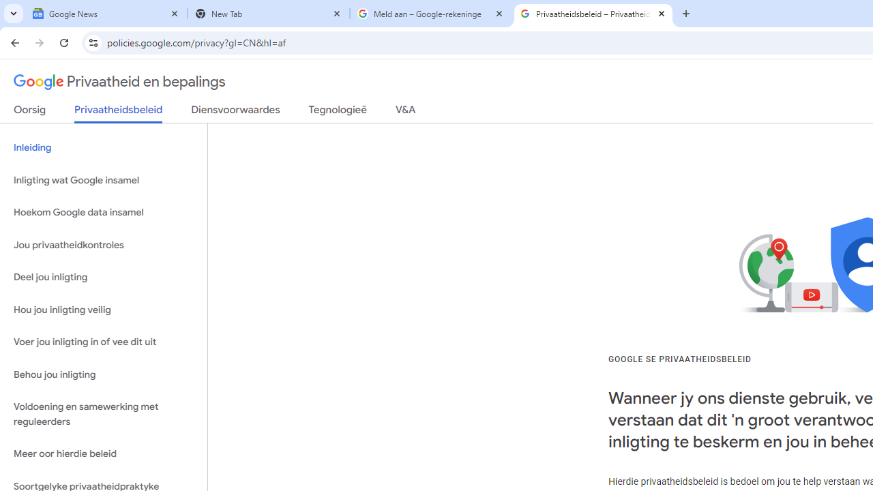 The image size is (873, 491). I want to click on 'Privaatheidsbeleid', so click(119, 113).